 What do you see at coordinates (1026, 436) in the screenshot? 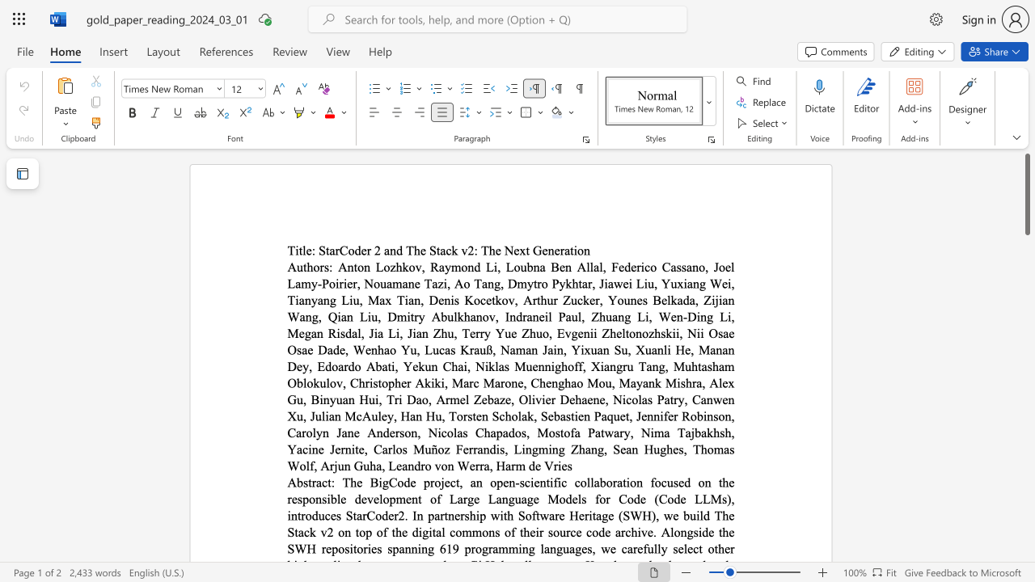
I see `the scrollbar to move the page downward` at bounding box center [1026, 436].